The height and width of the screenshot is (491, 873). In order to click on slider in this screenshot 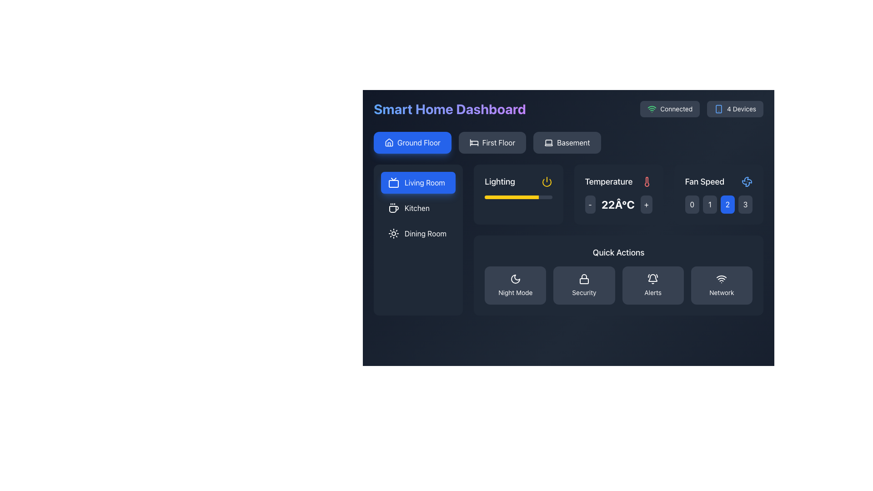, I will do `click(496, 197)`.